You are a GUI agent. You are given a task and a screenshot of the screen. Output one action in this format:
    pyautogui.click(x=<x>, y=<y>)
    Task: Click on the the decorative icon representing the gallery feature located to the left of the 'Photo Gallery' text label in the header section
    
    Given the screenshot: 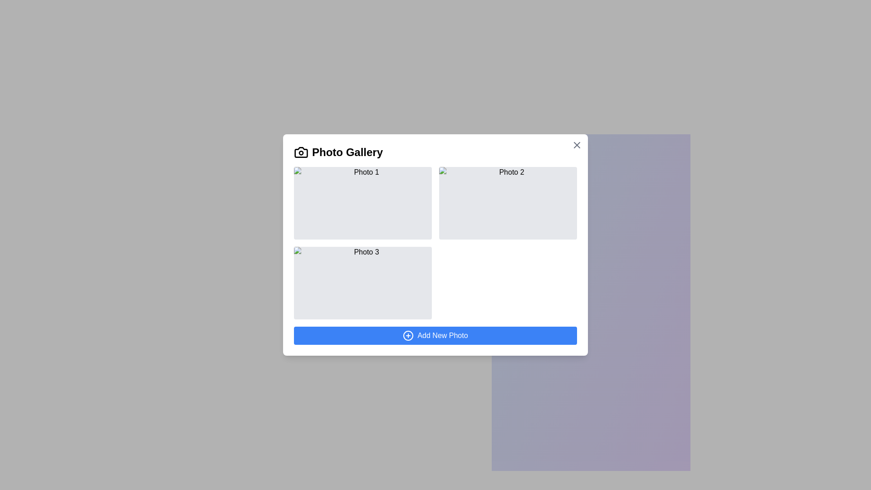 What is the action you would take?
    pyautogui.click(x=301, y=152)
    